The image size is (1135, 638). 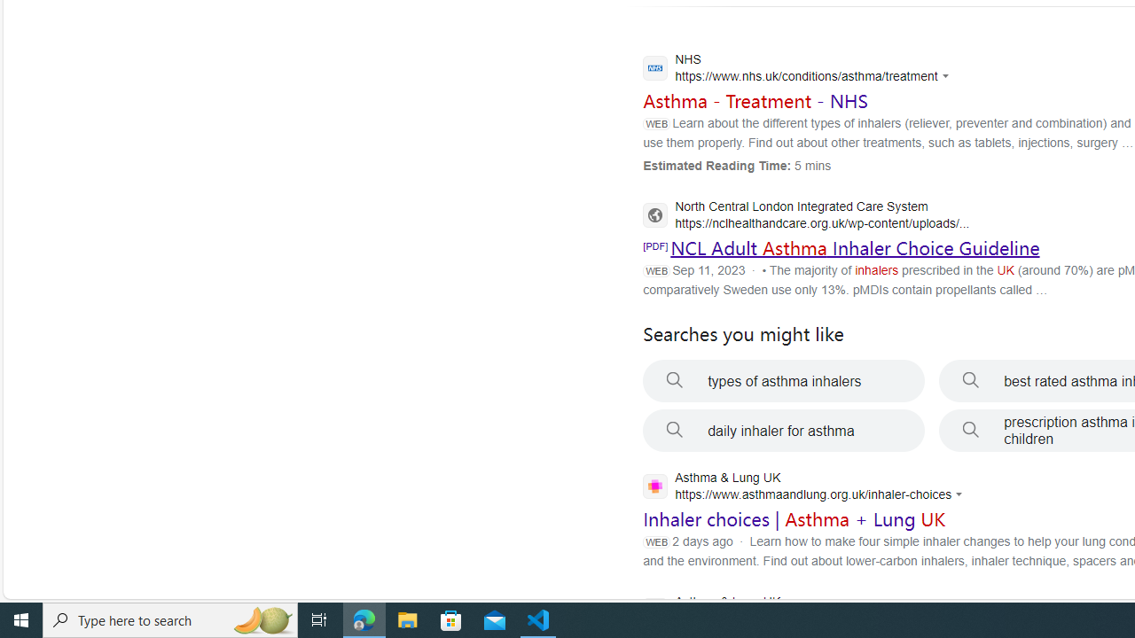 I want to click on 'Actions for this site', so click(x=960, y=494).